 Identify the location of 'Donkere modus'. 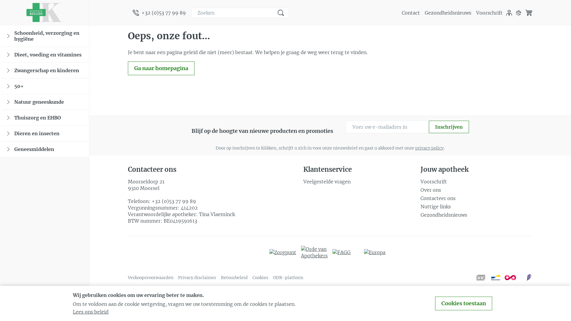
(518, 12).